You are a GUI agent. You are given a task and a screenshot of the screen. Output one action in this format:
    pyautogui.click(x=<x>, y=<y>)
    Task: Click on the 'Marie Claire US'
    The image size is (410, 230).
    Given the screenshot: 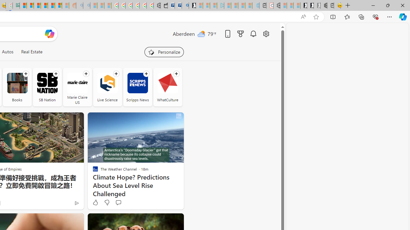 What is the action you would take?
    pyautogui.click(x=77, y=87)
    